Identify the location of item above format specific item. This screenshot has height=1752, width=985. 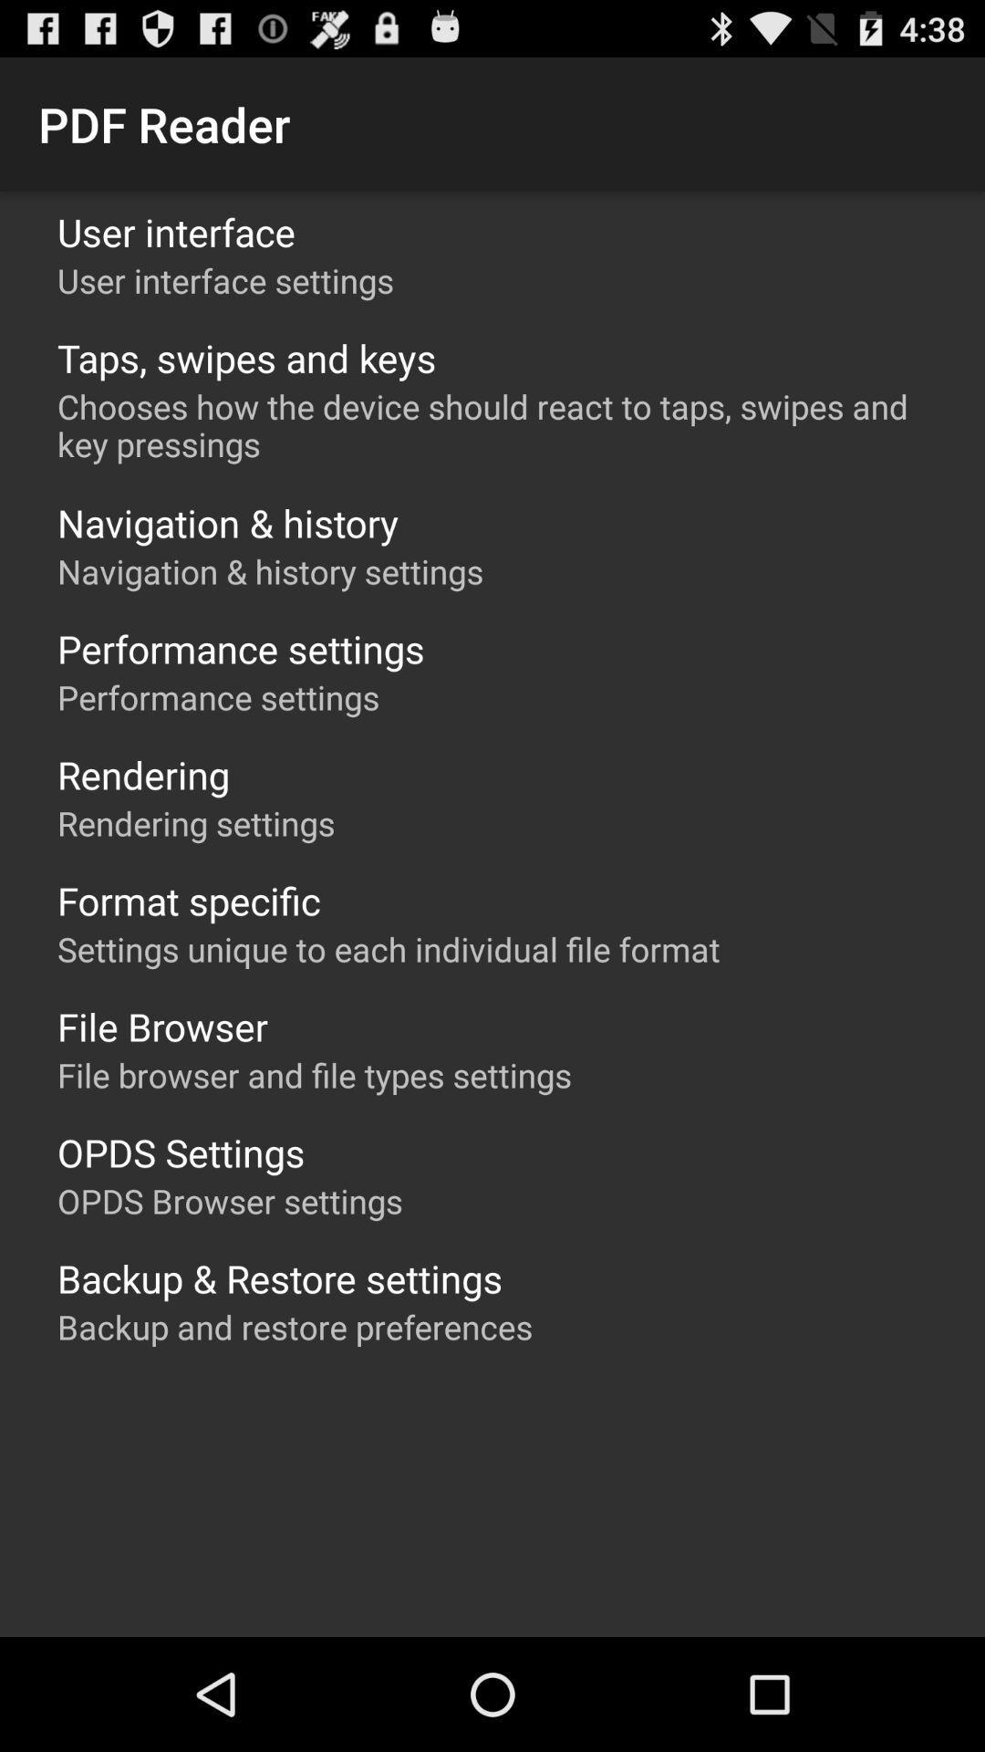
(196, 822).